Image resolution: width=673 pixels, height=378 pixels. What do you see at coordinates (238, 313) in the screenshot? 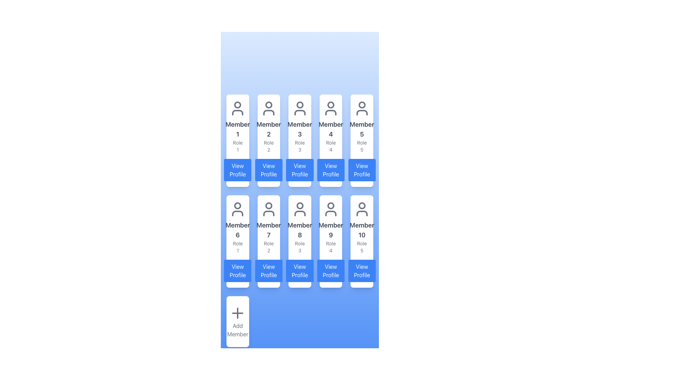
I see `the cross-shaped icon with a light-gray stroke located within the 'Add Member' component to receive hover feedback` at bounding box center [238, 313].